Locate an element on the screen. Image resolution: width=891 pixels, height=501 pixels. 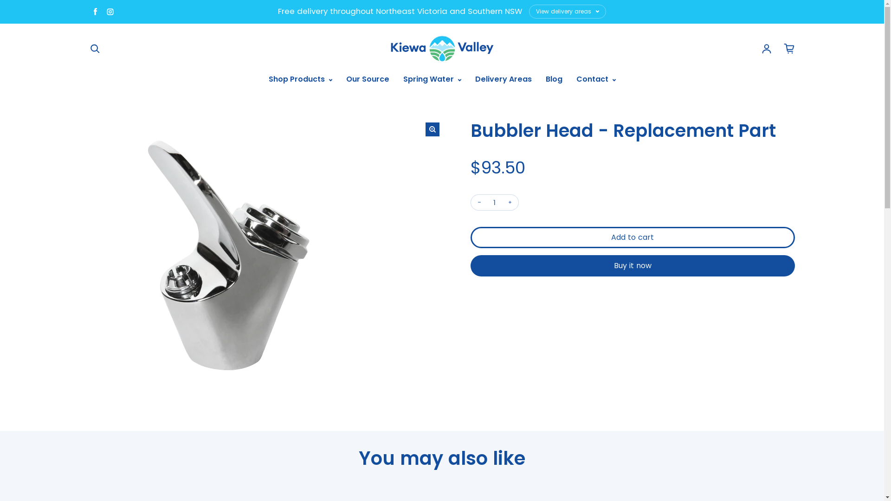
'Skip to content' is located at coordinates (0, 0).